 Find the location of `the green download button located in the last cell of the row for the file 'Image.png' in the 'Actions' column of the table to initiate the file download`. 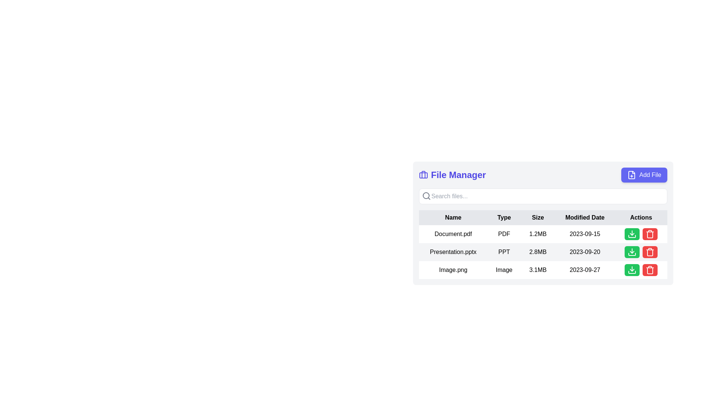

the green download button located in the last cell of the row for the file 'Image.png' in the 'Actions' column of the table to initiate the file download is located at coordinates (641, 270).